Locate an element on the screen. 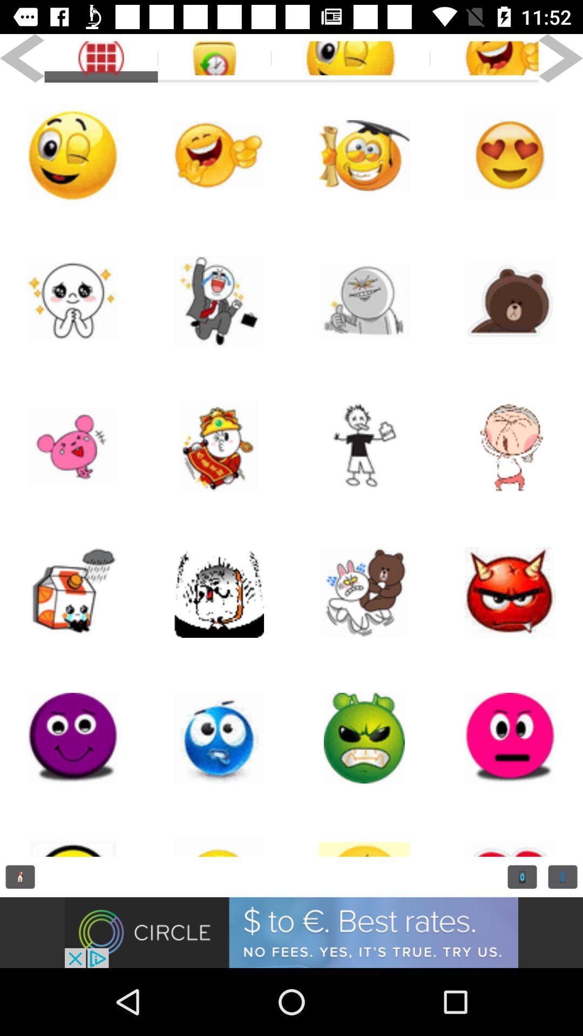 The width and height of the screenshot is (583, 1036). colour picture page is located at coordinates (73, 301).